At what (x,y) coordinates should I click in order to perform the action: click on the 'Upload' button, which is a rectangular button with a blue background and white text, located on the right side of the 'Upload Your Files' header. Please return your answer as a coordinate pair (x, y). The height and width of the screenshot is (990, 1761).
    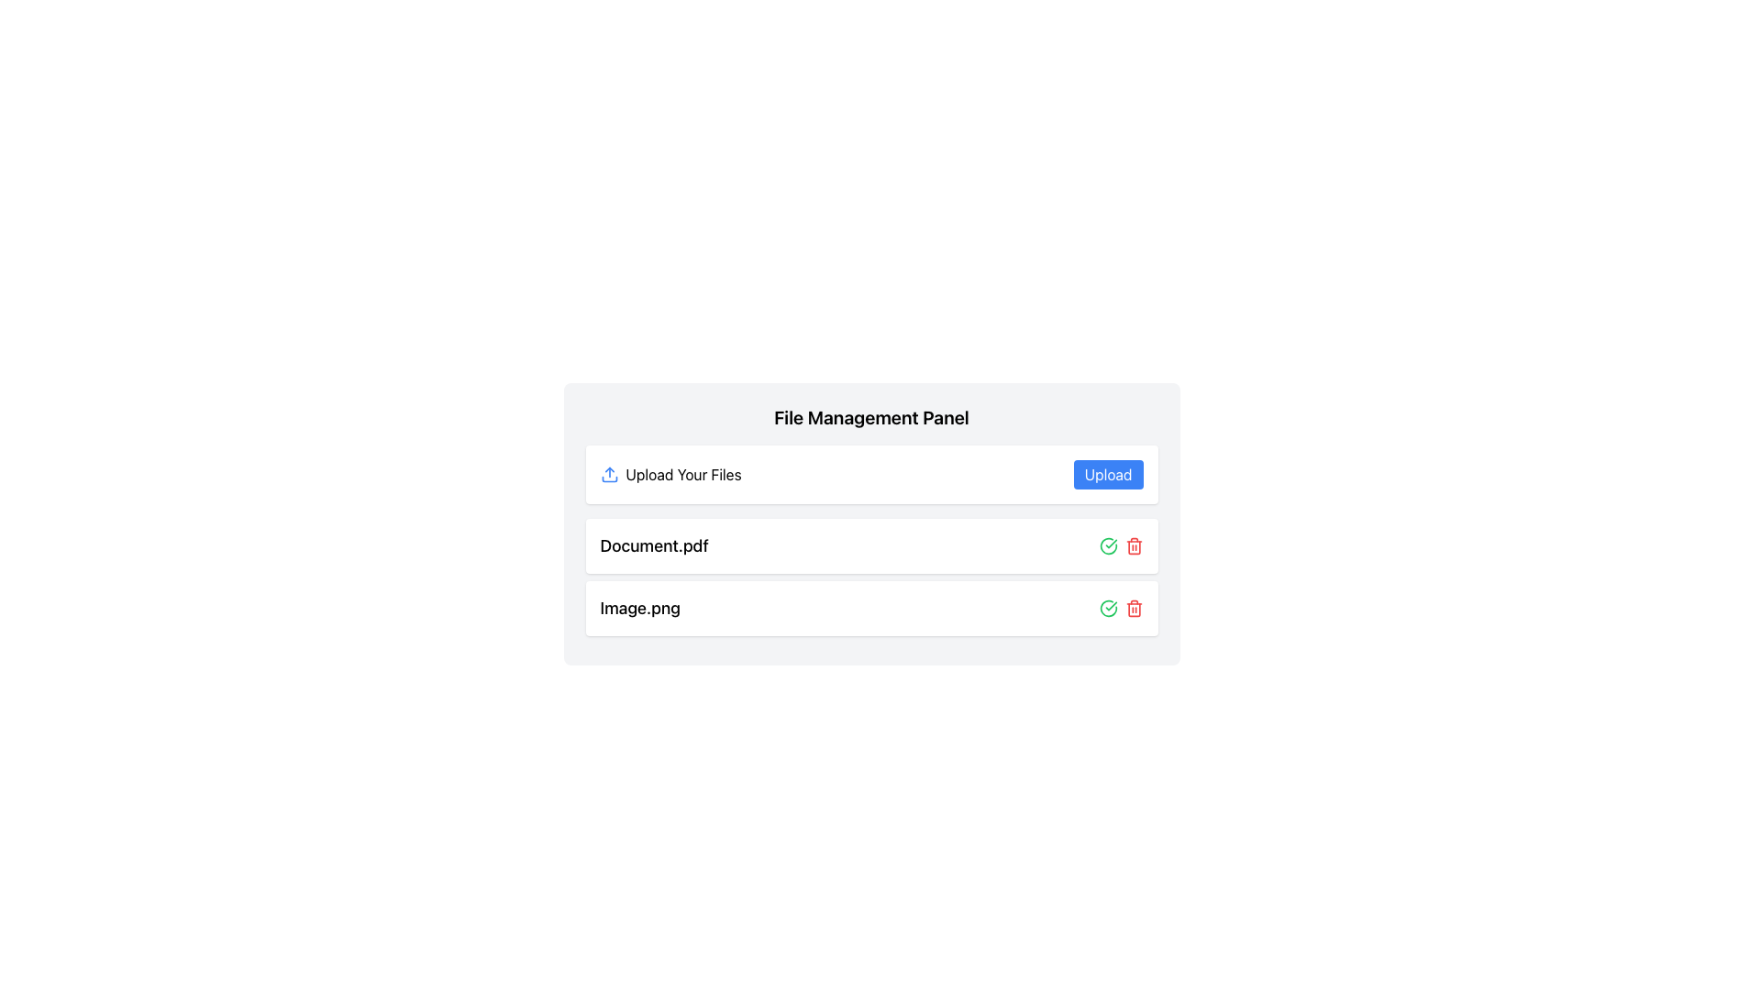
    Looking at the image, I should click on (1107, 473).